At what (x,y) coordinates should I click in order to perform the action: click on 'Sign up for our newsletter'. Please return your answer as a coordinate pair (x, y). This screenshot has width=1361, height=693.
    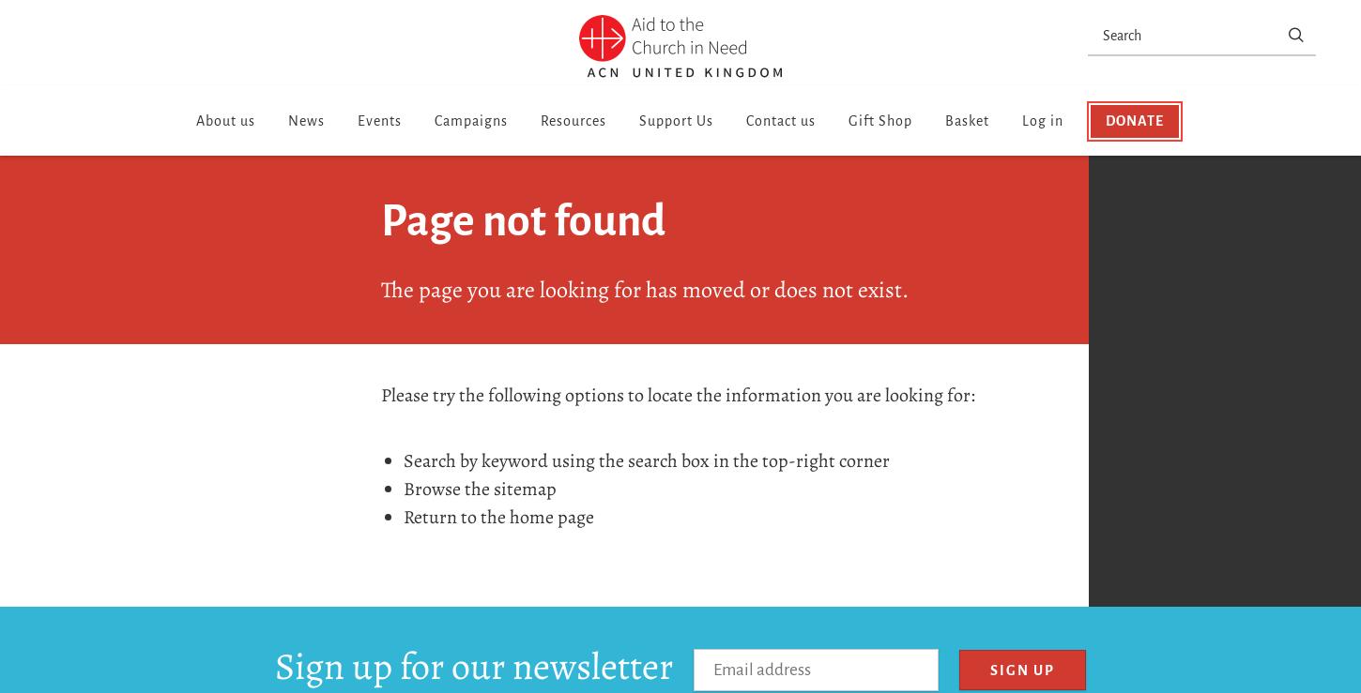
    Looking at the image, I should click on (474, 666).